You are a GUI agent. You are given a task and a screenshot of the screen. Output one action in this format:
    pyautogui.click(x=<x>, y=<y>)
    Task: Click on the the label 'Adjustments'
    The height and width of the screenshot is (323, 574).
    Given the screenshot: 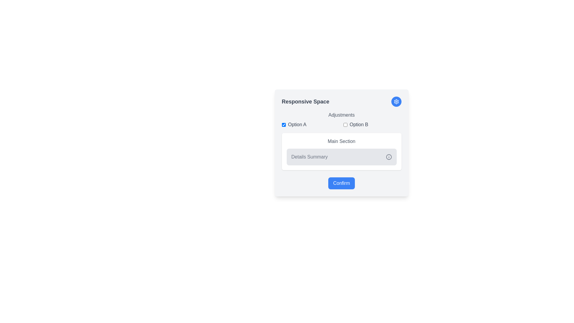 What is the action you would take?
    pyautogui.click(x=341, y=120)
    